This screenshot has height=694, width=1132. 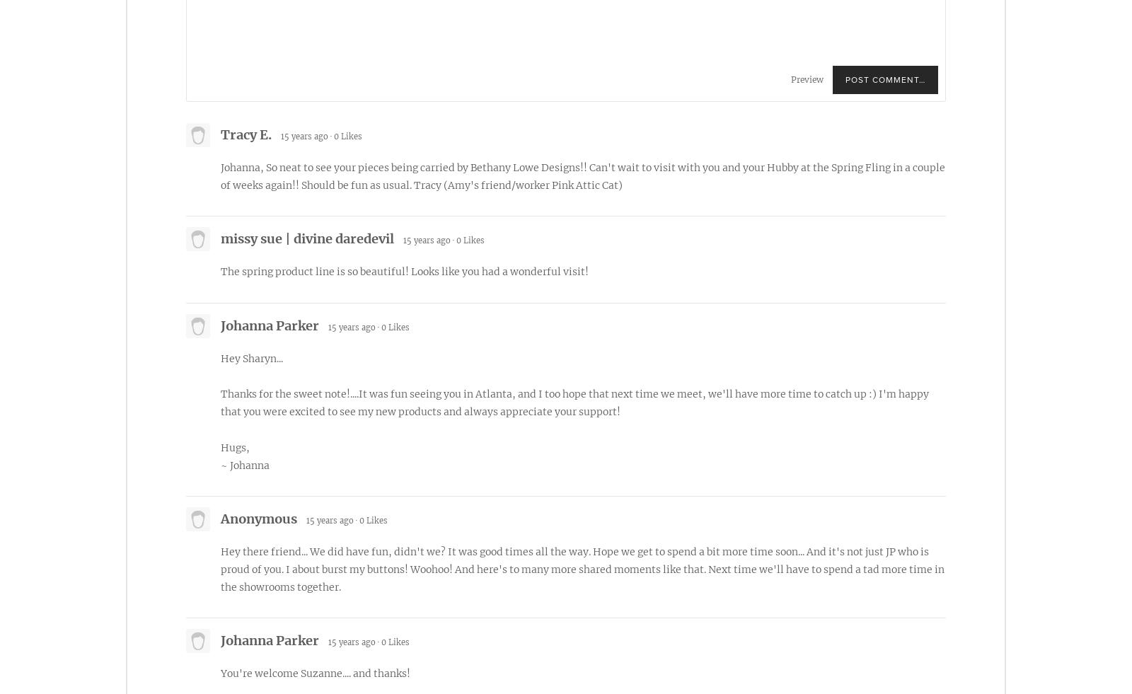 I want to click on 'Tracy E.', so click(x=246, y=134).